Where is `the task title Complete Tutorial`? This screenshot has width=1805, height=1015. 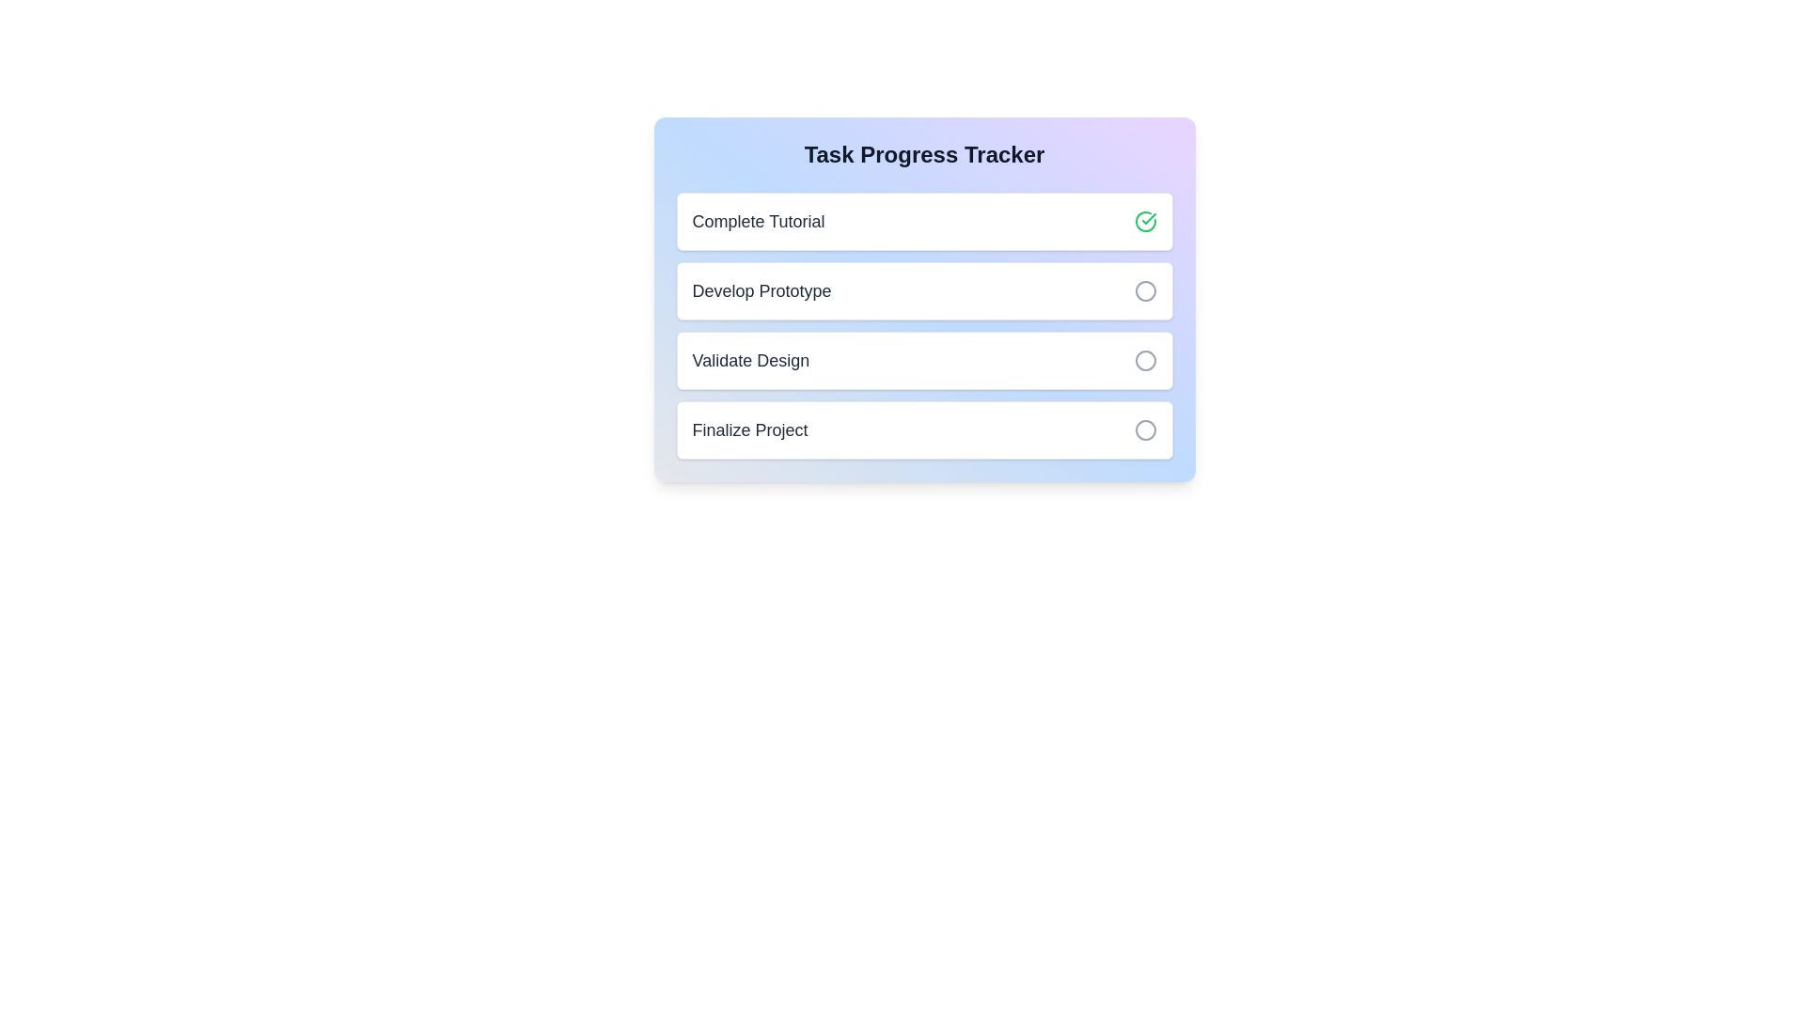 the task title Complete Tutorial is located at coordinates (758, 220).